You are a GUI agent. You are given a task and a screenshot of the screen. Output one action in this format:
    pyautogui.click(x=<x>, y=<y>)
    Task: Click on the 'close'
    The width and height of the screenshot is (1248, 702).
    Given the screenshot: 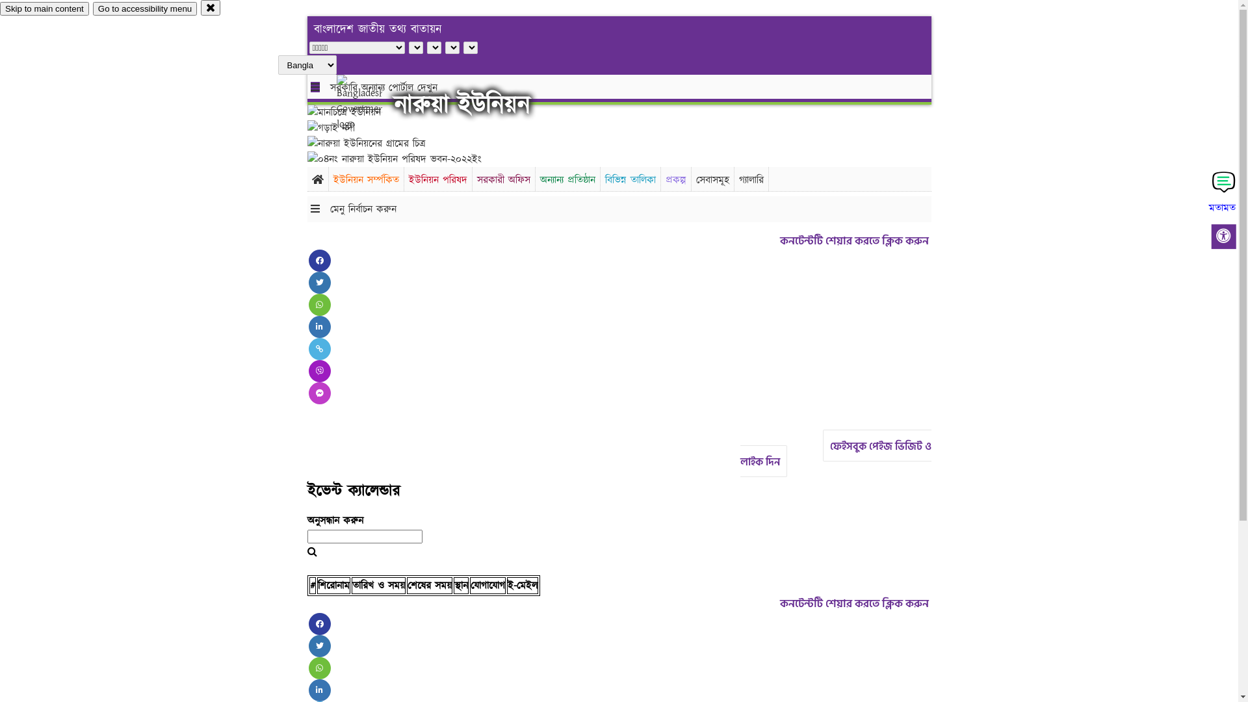 What is the action you would take?
    pyautogui.click(x=211, y=7)
    